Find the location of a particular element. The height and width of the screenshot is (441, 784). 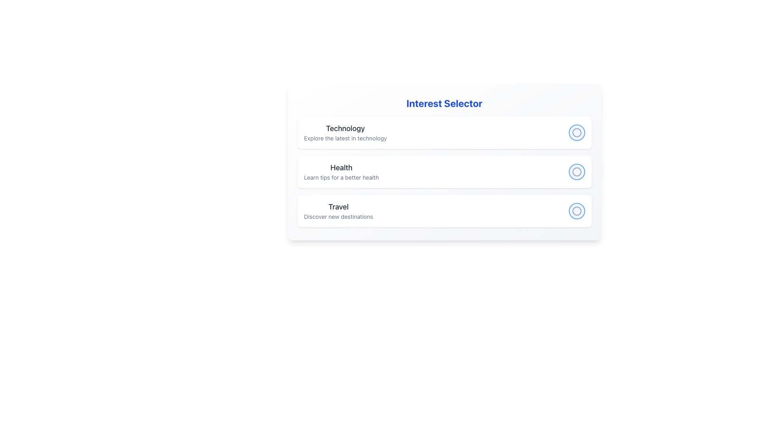

the 'Travel' text label, which is styled in bold dark gray and positioned at the top of its group within the interface for selecting interests is located at coordinates (339, 206).